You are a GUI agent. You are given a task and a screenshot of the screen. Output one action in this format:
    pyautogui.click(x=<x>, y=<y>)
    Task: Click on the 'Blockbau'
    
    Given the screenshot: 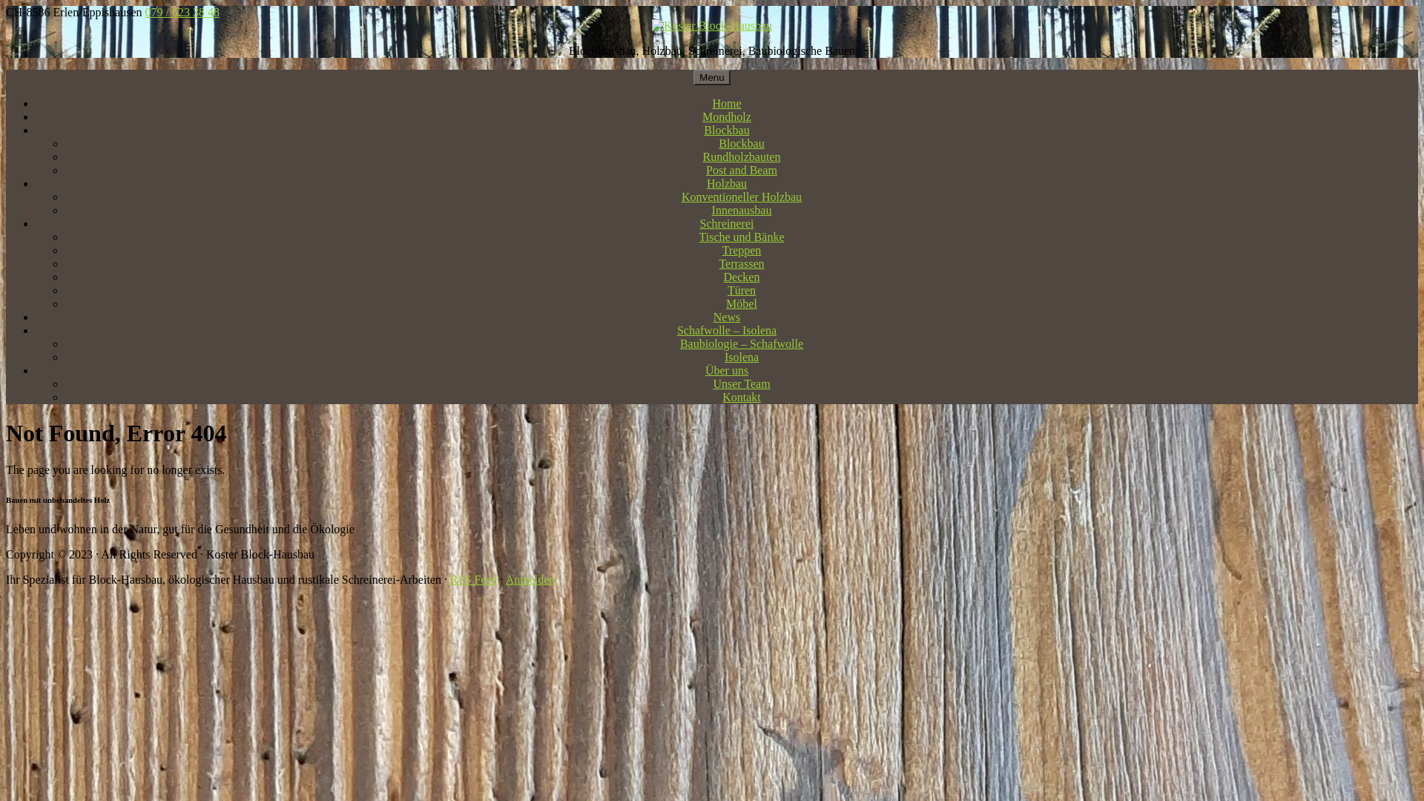 What is the action you would take?
    pyautogui.click(x=741, y=143)
    